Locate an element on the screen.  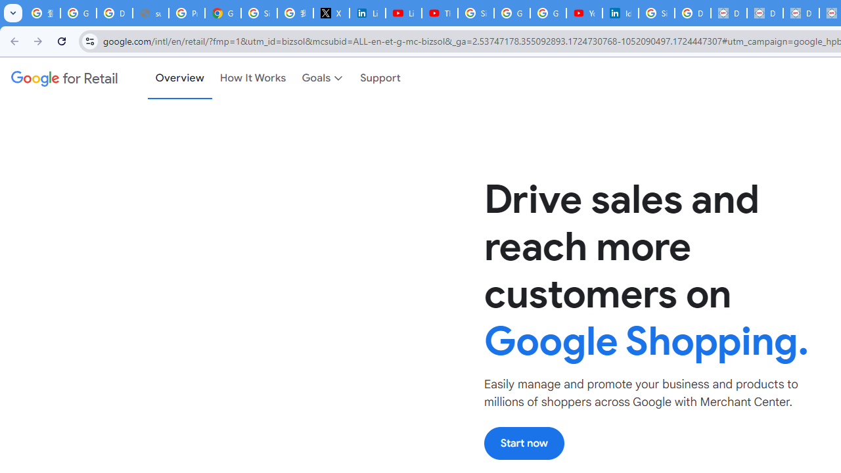
'How It Works' is located at coordinates (253, 78).